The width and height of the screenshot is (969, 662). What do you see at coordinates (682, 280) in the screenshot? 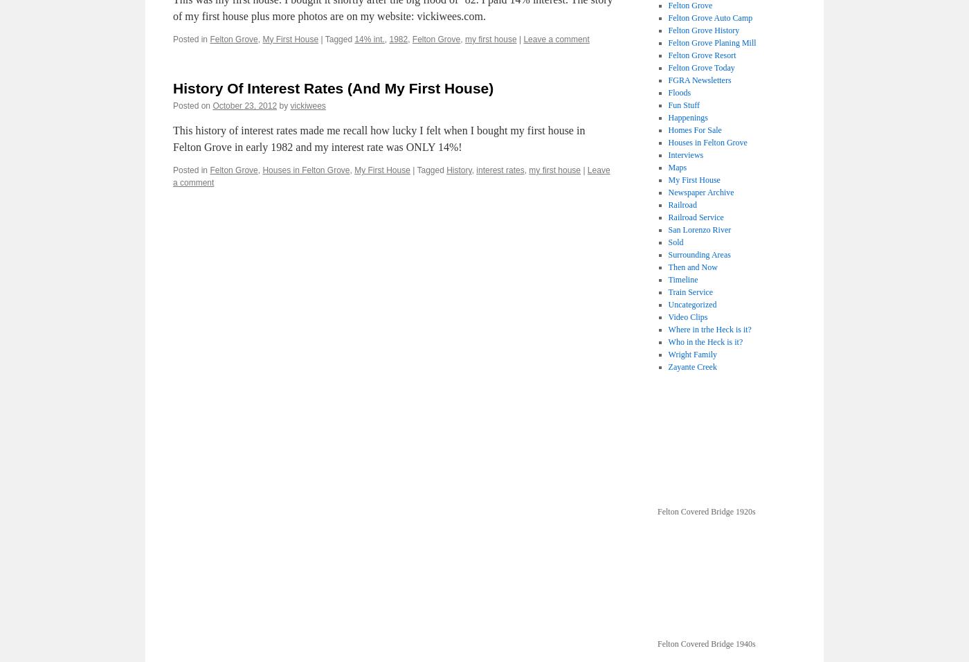
I see `'Timeline'` at bounding box center [682, 280].